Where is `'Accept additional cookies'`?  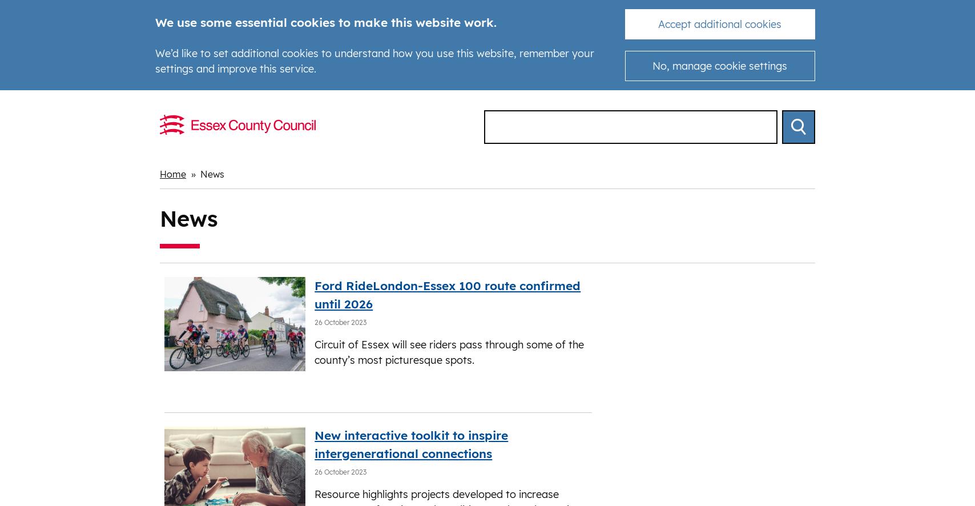
'Accept additional cookies' is located at coordinates (720, 24).